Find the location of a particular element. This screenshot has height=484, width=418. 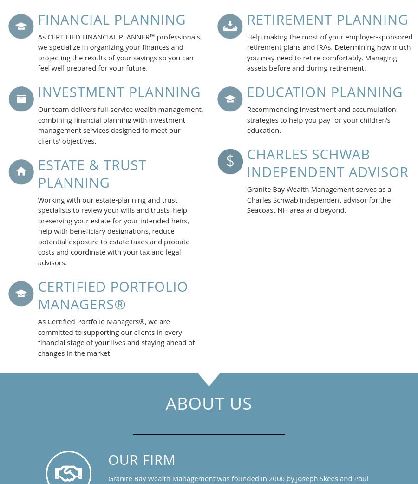

'Recommending investment and accumulation strategies to help you pay for your children’s education.' is located at coordinates (320, 119).